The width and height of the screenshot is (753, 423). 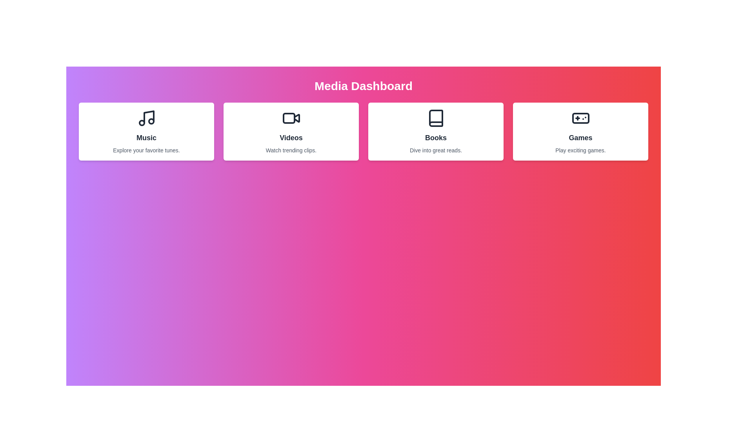 I want to click on the text component that reads 'Dive into great reads.' which is styled with a small font size and gray color, located below the bold title 'Books' in a white rectangular card, so click(x=435, y=150).